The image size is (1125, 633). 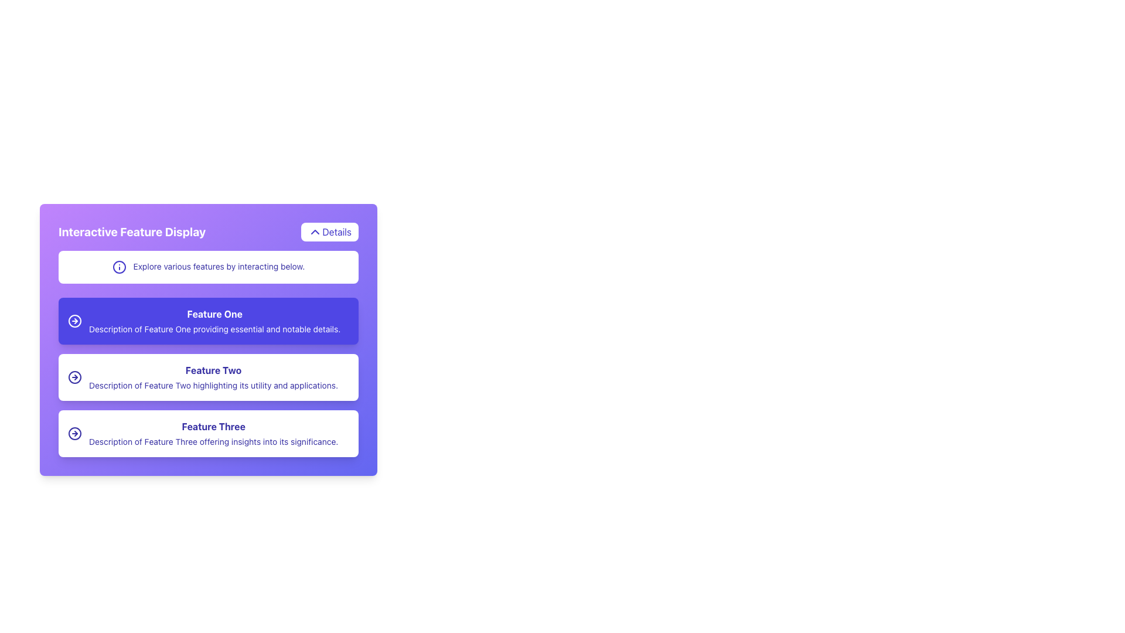 What do you see at coordinates (213, 377) in the screenshot?
I see `informational text component describing 'Feature Two', which is located in the center of the interface, below 'Feature One' and above 'Feature Three'` at bounding box center [213, 377].